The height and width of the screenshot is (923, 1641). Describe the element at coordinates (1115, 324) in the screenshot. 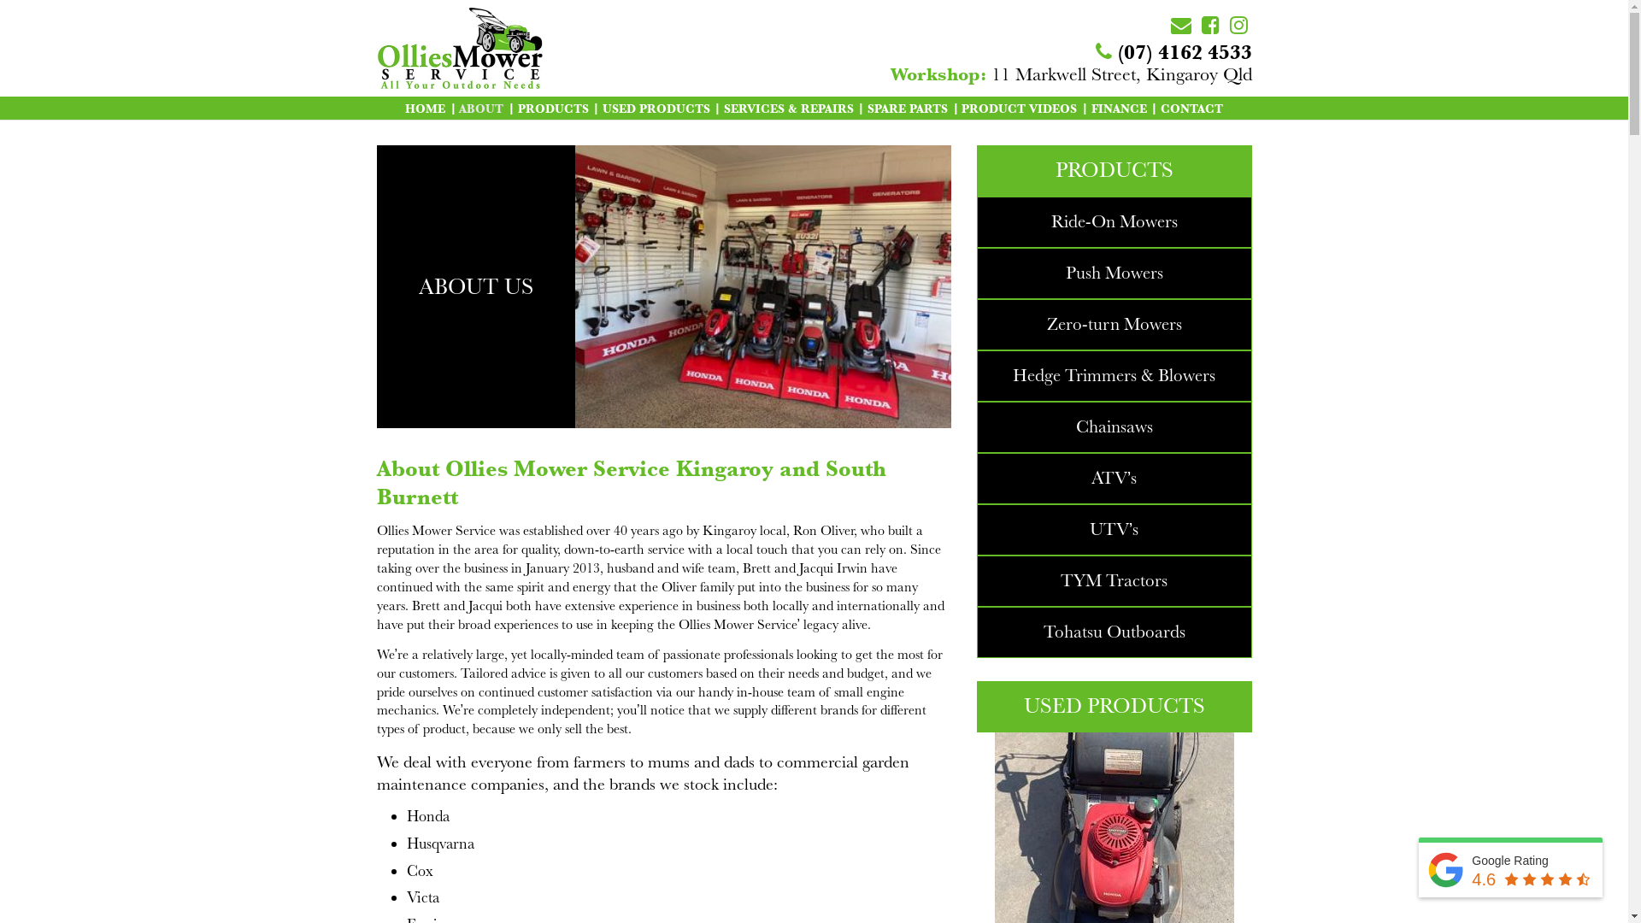

I see `'Zero-turn Mowers'` at that location.